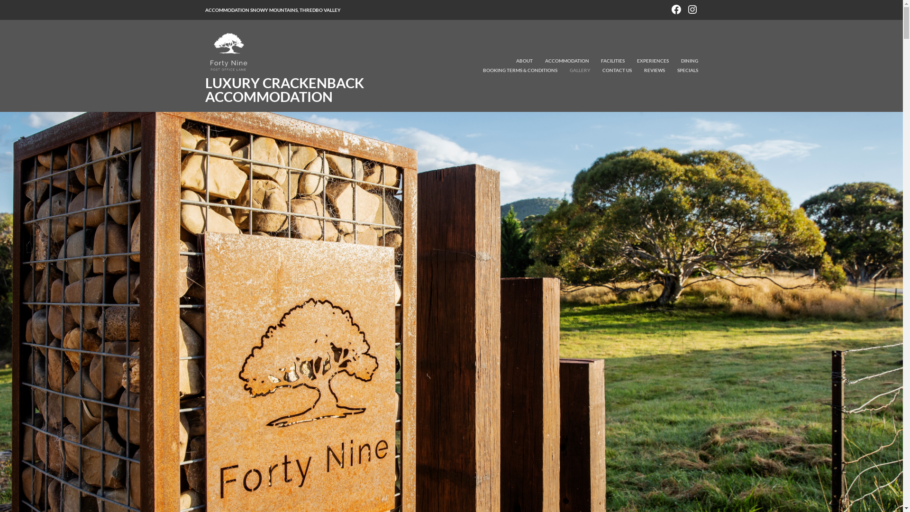 Image resolution: width=910 pixels, height=512 pixels. What do you see at coordinates (514, 70) in the screenshot?
I see `'BOOKING TERMS & CONDITIONS'` at bounding box center [514, 70].